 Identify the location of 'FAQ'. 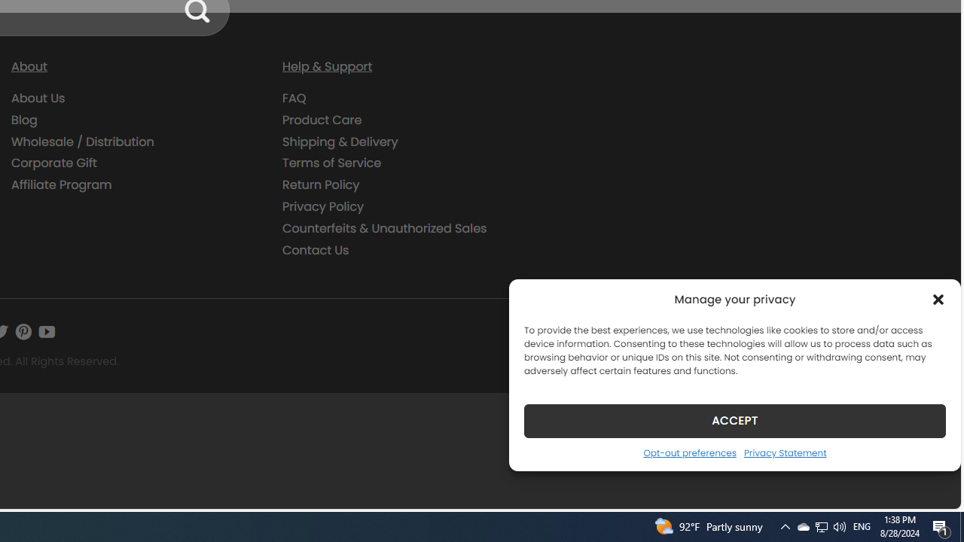
(407, 99).